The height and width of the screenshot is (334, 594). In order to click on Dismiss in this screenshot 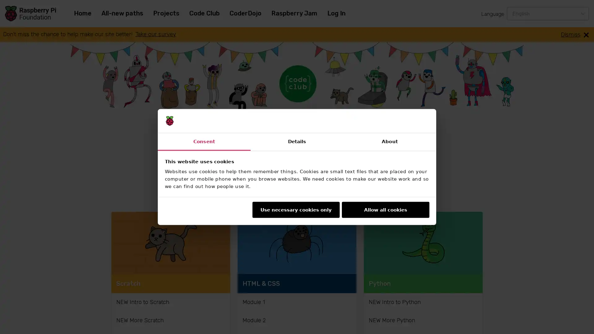, I will do `click(575, 34)`.